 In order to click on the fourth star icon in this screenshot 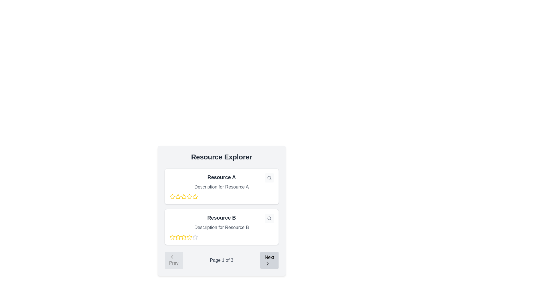, I will do `click(189, 237)`.